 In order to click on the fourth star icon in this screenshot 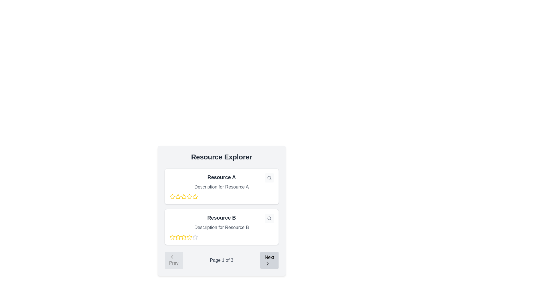, I will do `click(189, 237)`.